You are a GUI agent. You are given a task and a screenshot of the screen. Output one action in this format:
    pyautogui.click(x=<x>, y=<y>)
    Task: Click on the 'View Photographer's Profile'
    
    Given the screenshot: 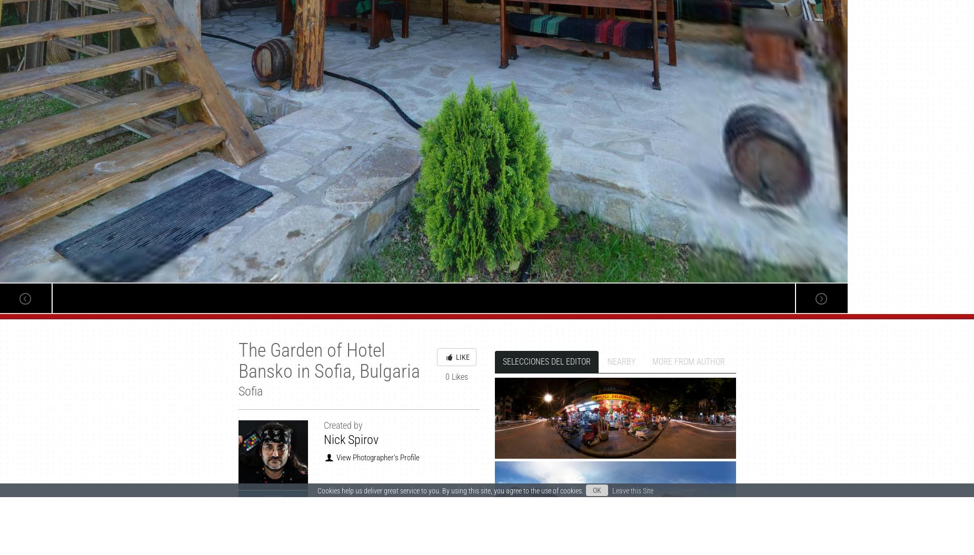 What is the action you would take?
    pyautogui.click(x=376, y=457)
    